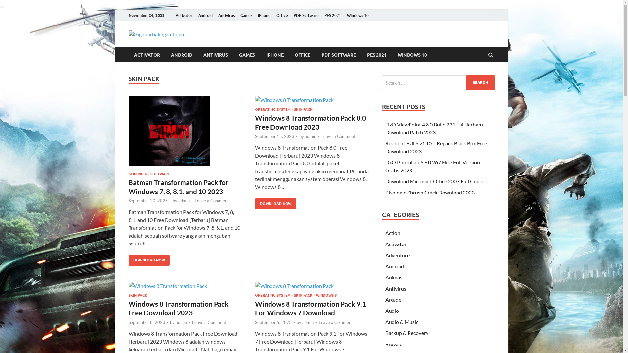 This screenshot has height=353, width=628. I want to click on 'PDF SOFTWARE', so click(339, 54).